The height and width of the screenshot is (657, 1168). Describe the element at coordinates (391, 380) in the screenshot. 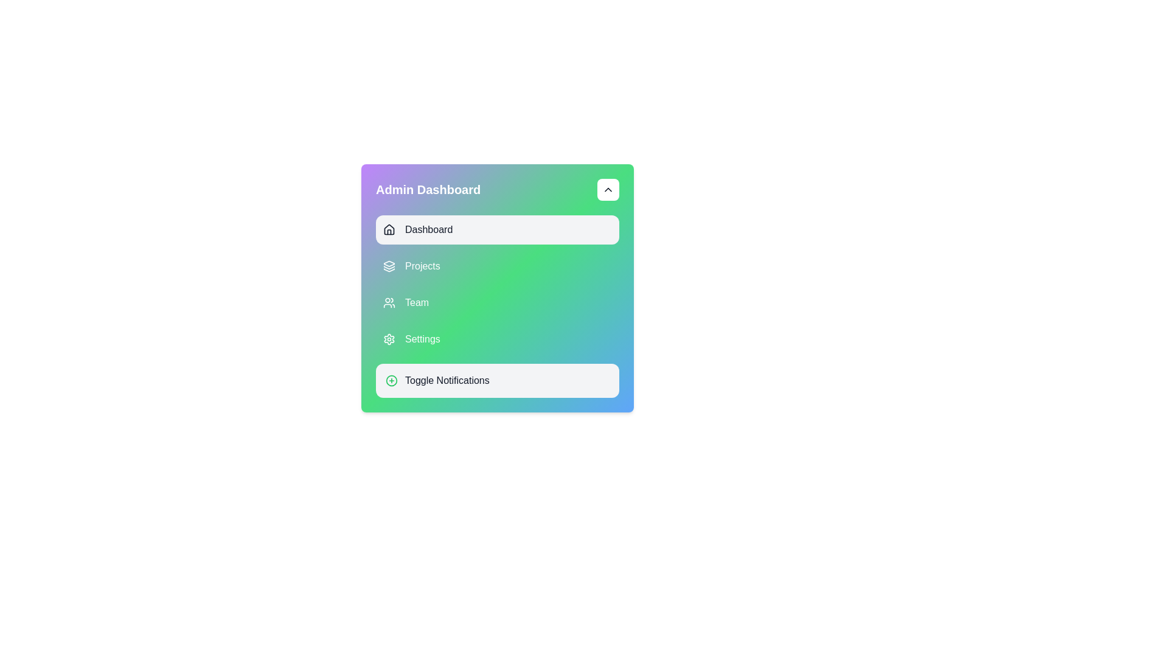

I see `the notification toggle icon located to the left of the 'Toggle Notifications' text in the dashboard interface` at that location.